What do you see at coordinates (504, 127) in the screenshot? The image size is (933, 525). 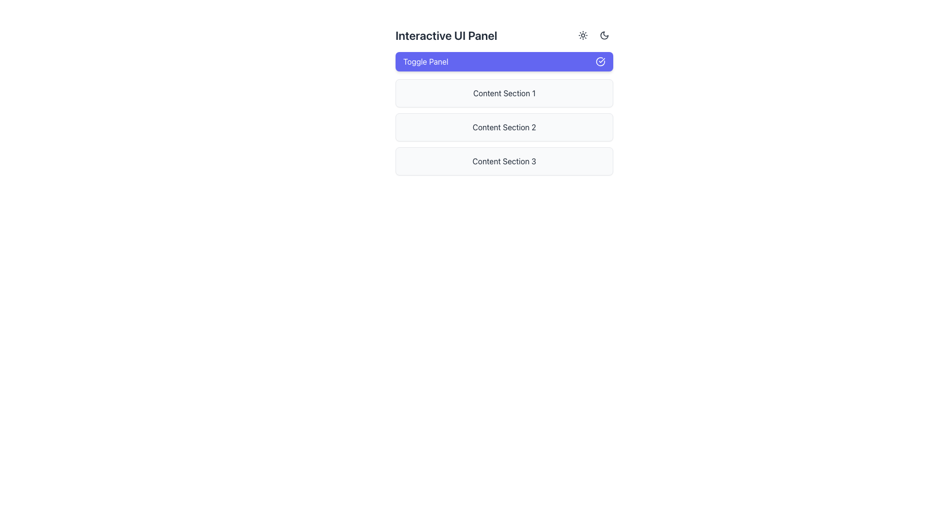 I see `the label displaying the section's title located below 'Content Section 1' with a light-gray background` at bounding box center [504, 127].